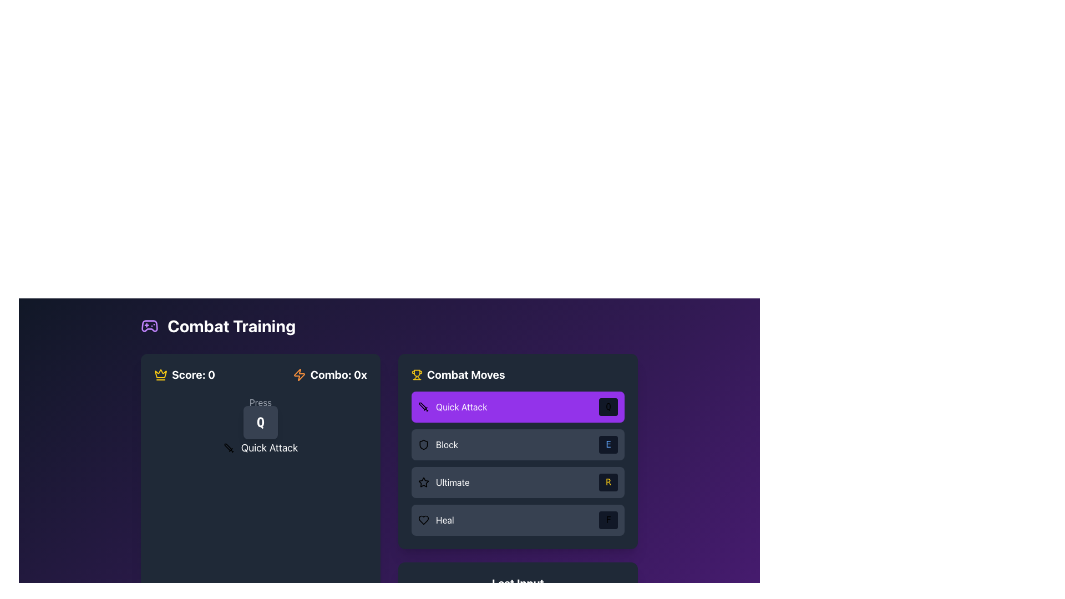  I want to click on the trophy icon located in the 'Combat Moves' section, which symbolizes achievement or a goal, so click(417, 373).